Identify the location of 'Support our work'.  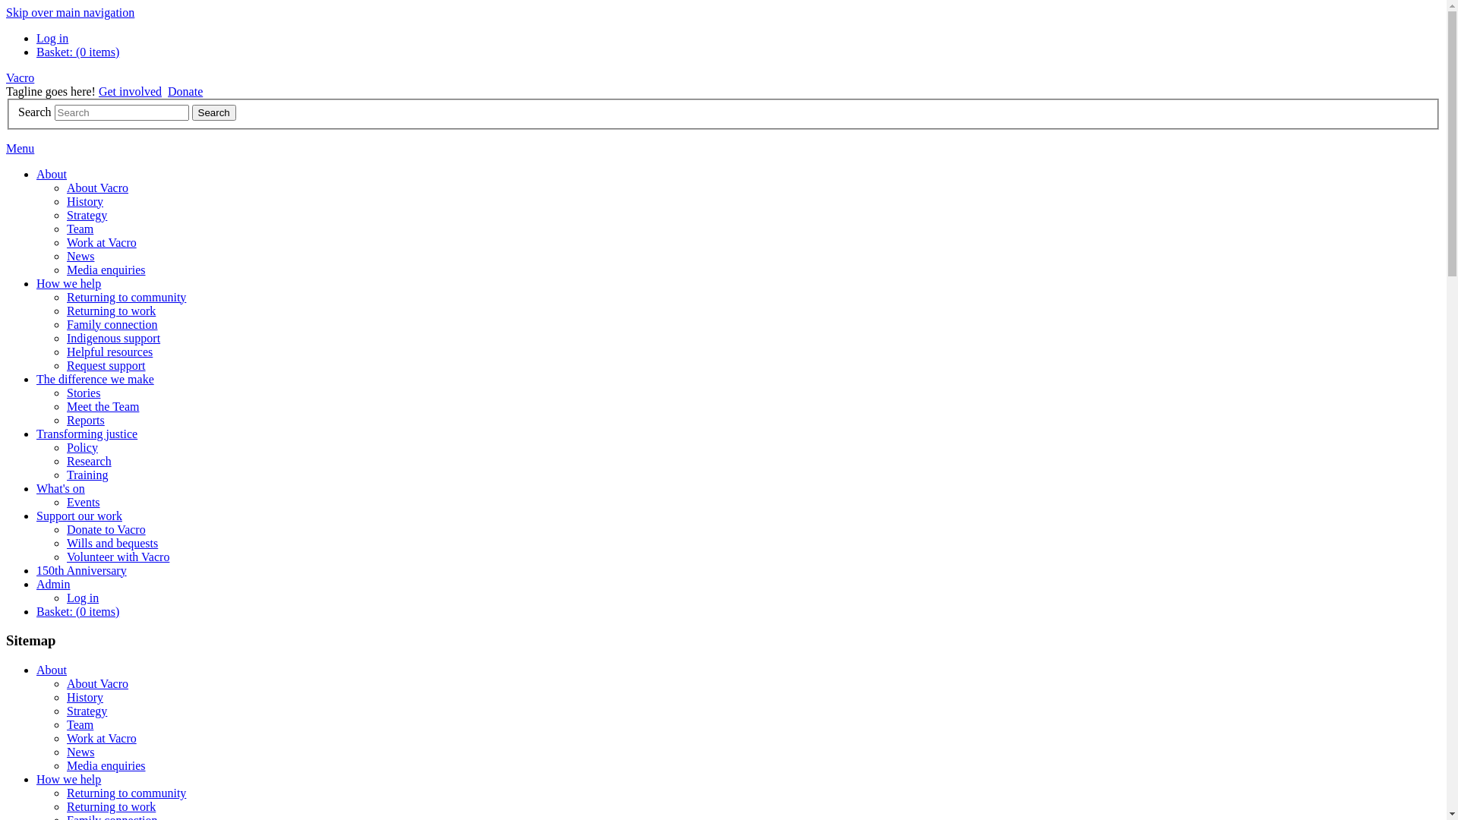
(78, 515).